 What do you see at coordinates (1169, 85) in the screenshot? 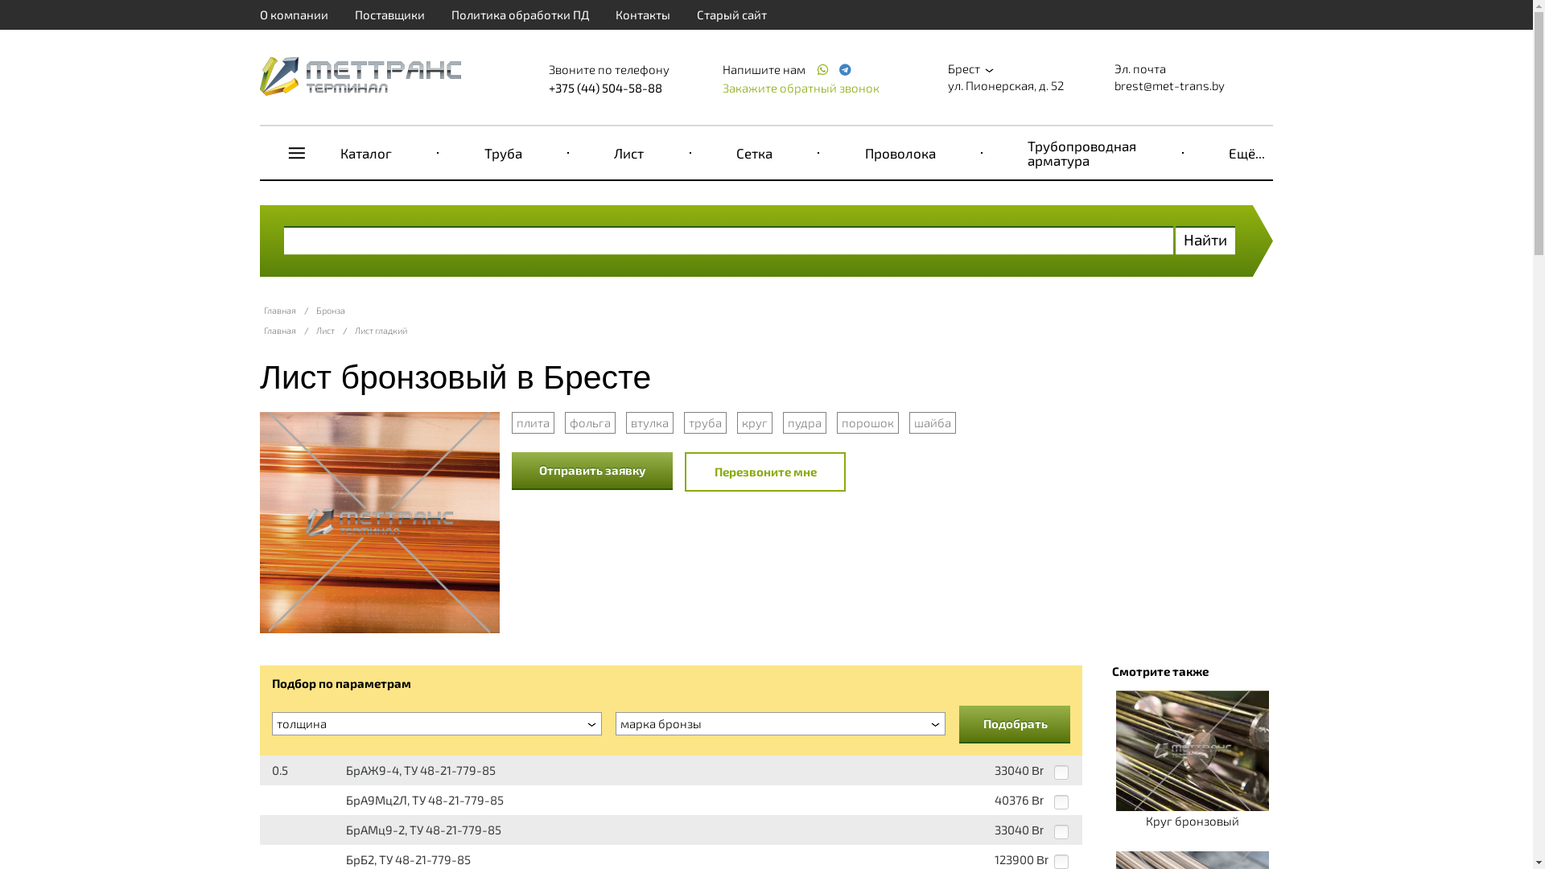
I see `'brest@met-trans.by'` at bounding box center [1169, 85].